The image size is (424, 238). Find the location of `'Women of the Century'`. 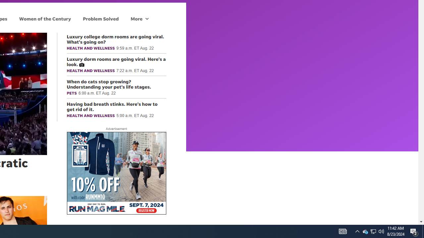

'Women of the Century' is located at coordinates (45, 18).